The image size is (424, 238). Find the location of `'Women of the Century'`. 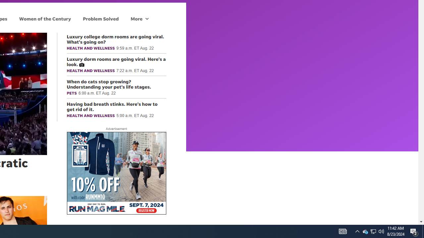

'Women of the Century' is located at coordinates (45, 18).